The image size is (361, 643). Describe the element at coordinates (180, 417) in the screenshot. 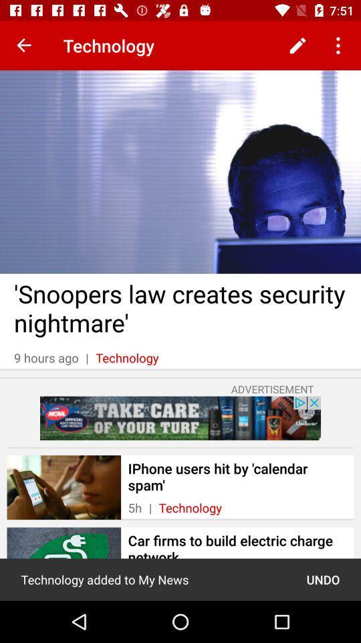

I see `advertise box` at that location.